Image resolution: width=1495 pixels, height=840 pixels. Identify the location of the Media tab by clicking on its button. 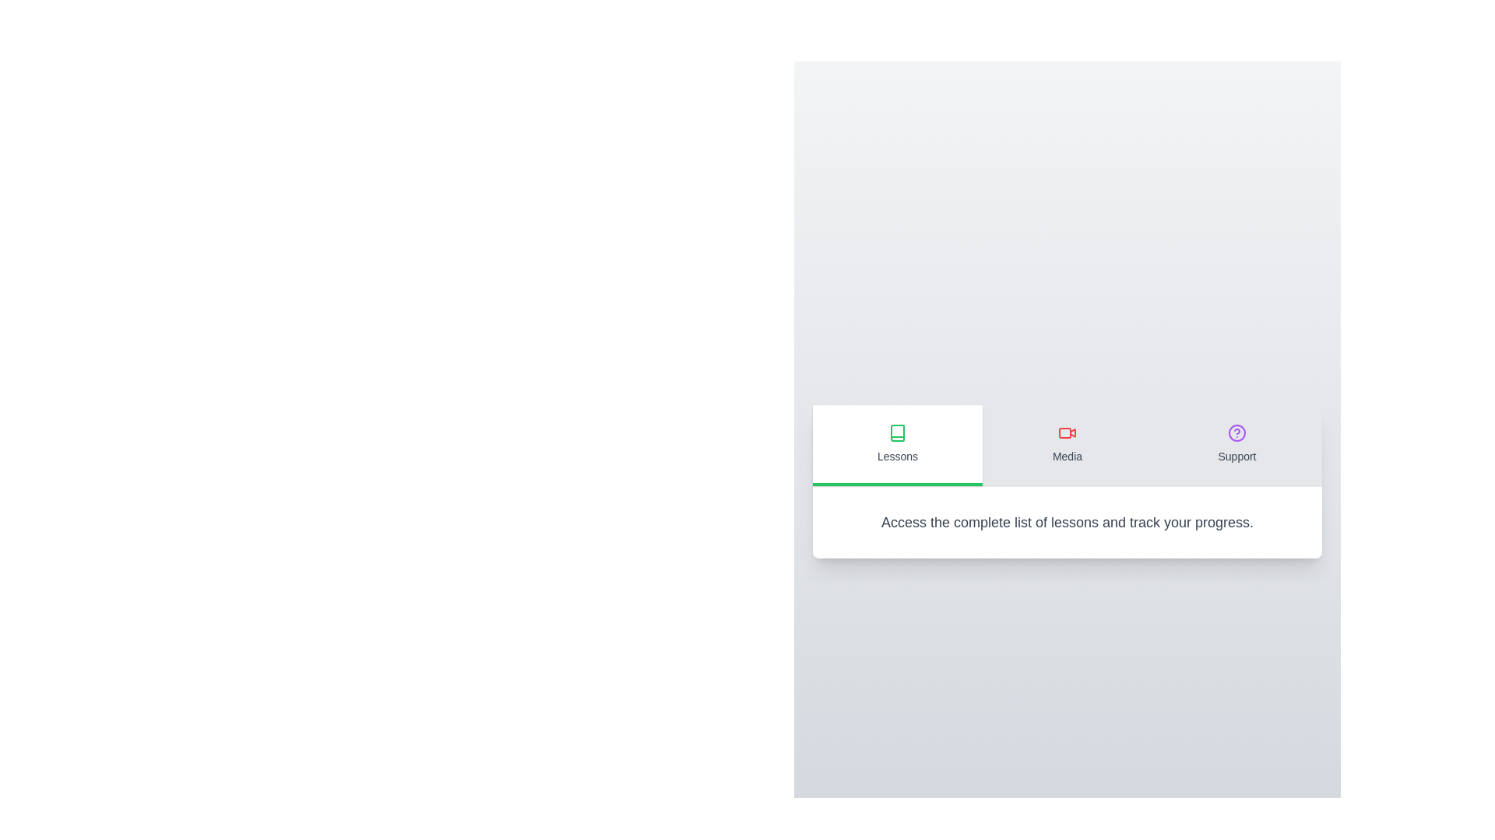
(1067, 445).